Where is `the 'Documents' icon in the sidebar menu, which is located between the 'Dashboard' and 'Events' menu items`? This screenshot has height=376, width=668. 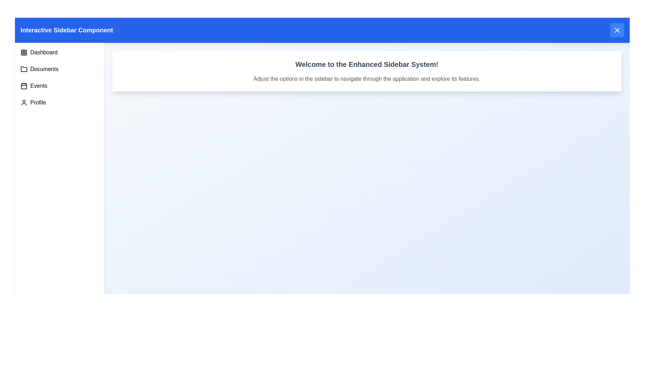 the 'Documents' icon in the sidebar menu, which is located between the 'Dashboard' and 'Events' menu items is located at coordinates (24, 69).